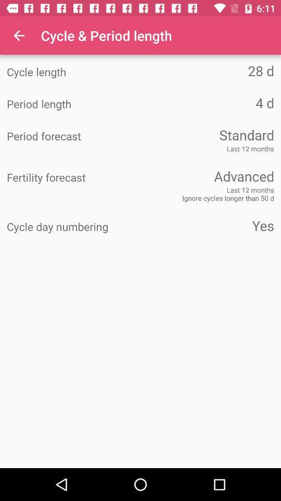 The height and width of the screenshot is (501, 281). What do you see at coordinates (207, 134) in the screenshot?
I see `icon to the right of the period forecast item` at bounding box center [207, 134].